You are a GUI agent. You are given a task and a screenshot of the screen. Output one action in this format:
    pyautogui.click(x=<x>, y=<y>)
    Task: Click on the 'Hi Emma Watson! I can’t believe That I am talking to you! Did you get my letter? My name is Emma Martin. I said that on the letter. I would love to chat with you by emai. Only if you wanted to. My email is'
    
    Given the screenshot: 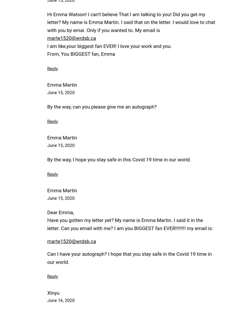 What is the action you would take?
    pyautogui.click(x=131, y=22)
    